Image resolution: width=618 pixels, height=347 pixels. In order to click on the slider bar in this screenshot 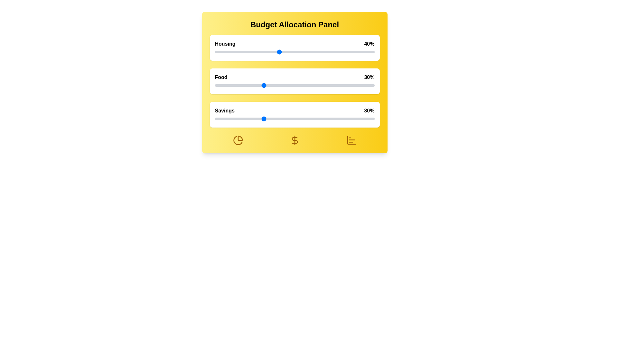, I will do `click(294, 119)`.